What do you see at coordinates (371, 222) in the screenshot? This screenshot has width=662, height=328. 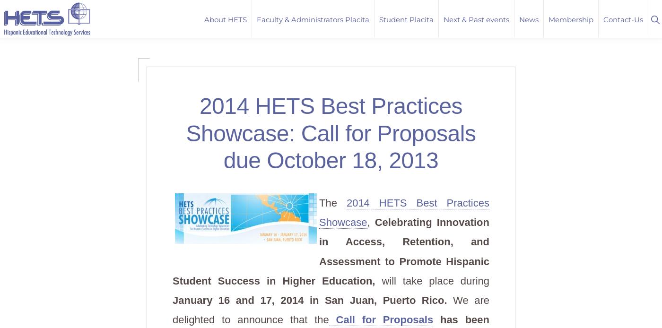 I see `','` at bounding box center [371, 222].